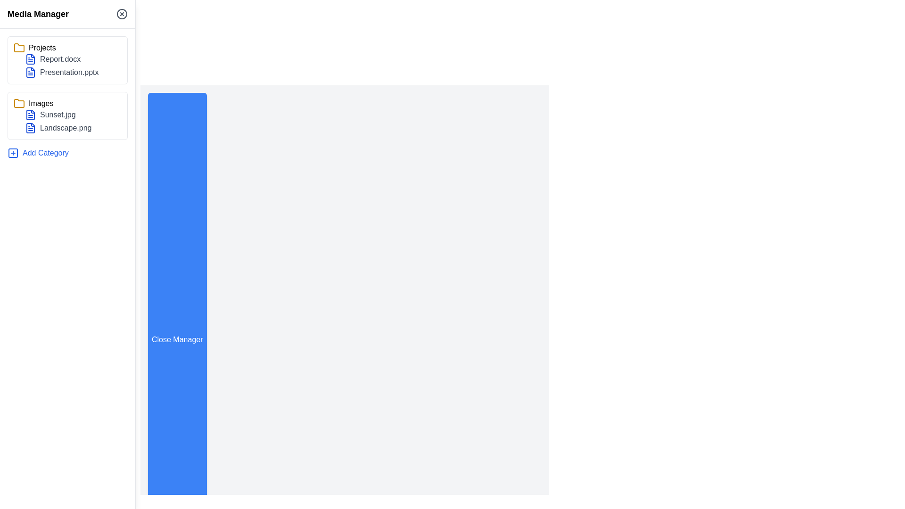 The height and width of the screenshot is (509, 905). I want to click on the 'Projects' category icon located in the top-left corner of the interface to interact with the category, so click(19, 48).